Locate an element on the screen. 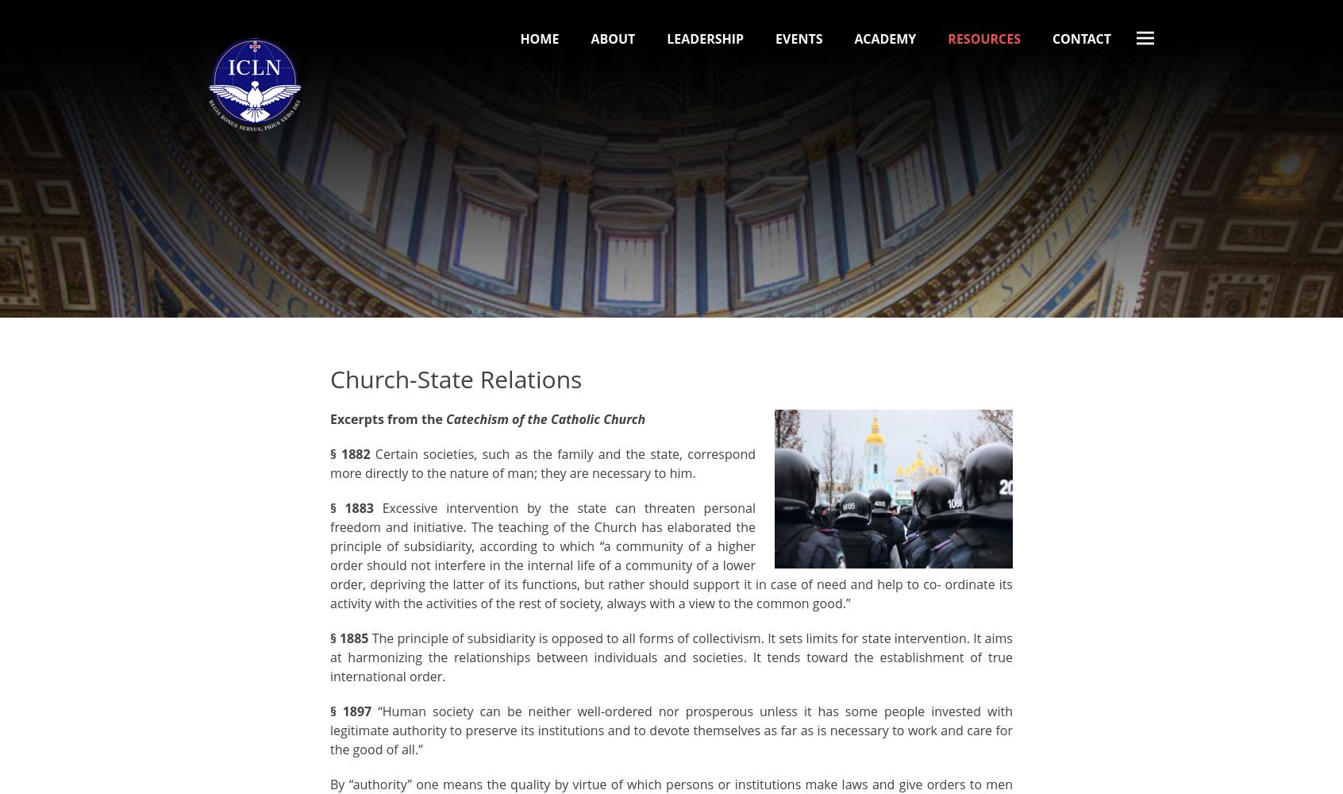 The image size is (1343, 794). 'Academy' is located at coordinates (853, 39).